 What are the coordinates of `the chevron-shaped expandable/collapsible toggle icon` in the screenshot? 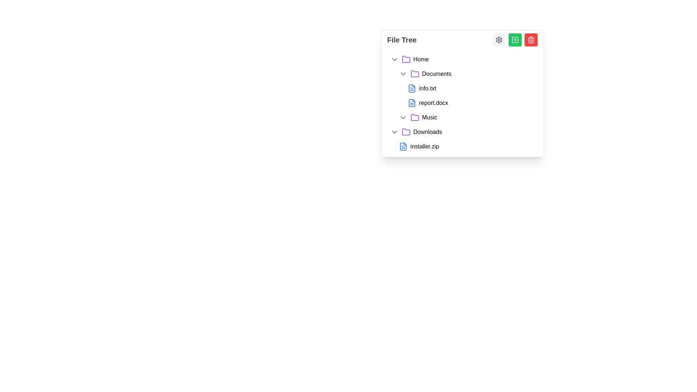 It's located at (394, 132).